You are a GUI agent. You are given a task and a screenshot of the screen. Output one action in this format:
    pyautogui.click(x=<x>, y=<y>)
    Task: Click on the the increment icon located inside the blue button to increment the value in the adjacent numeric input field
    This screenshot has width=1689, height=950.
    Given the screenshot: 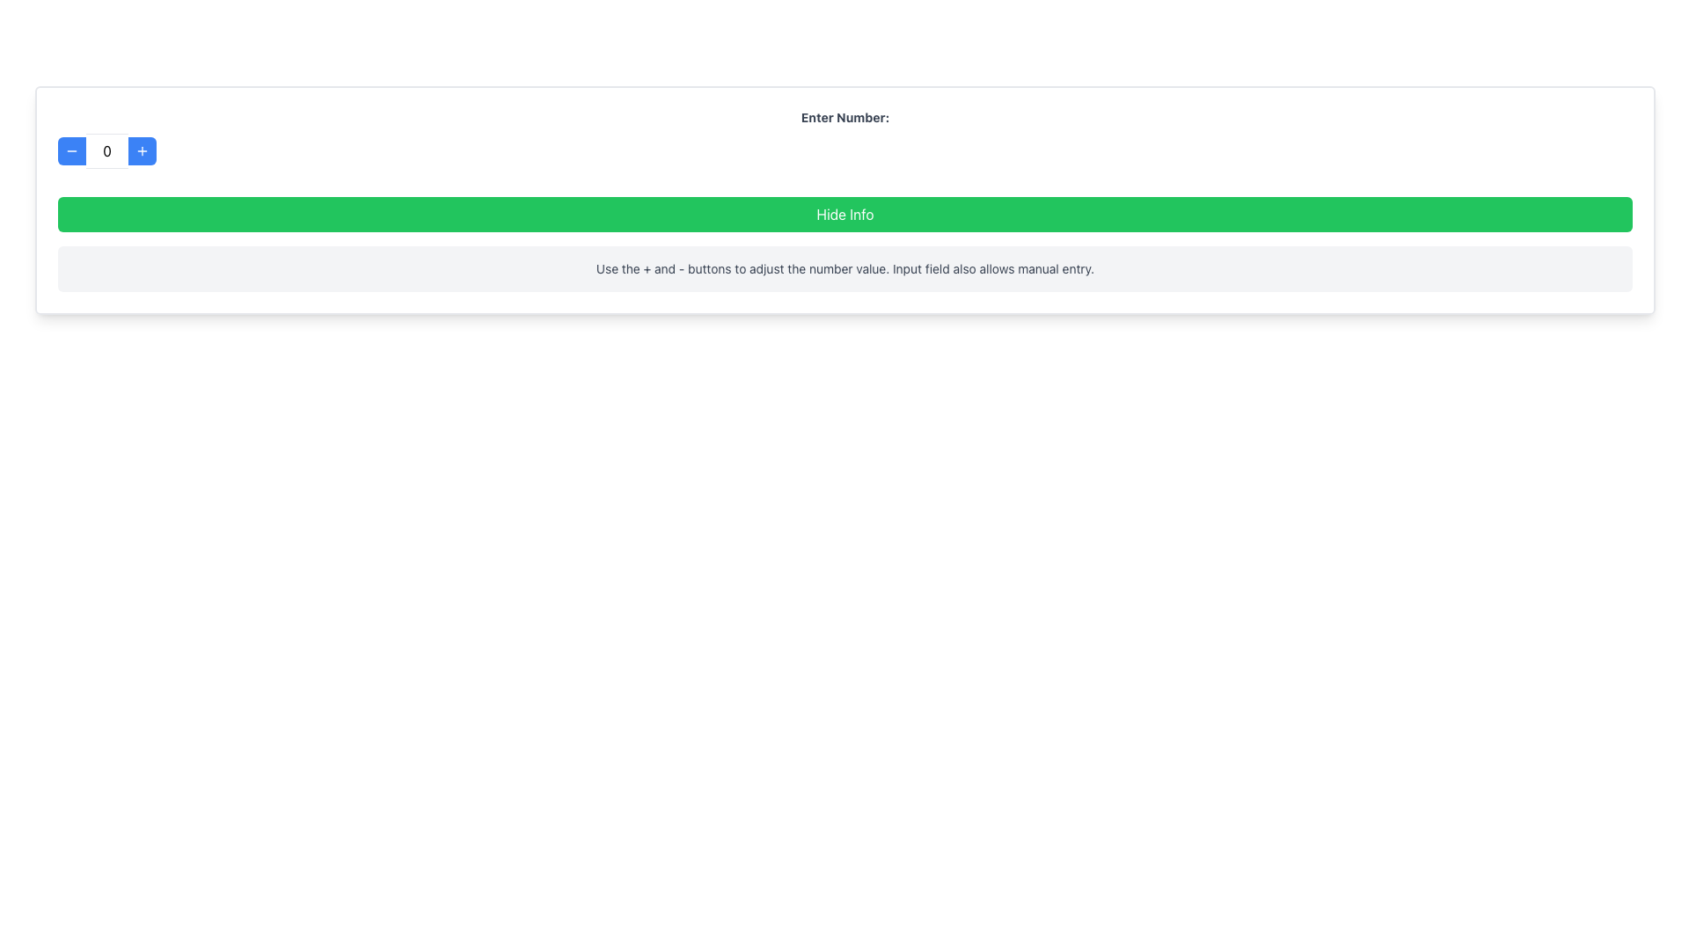 What is the action you would take?
    pyautogui.click(x=143, y=150)
    